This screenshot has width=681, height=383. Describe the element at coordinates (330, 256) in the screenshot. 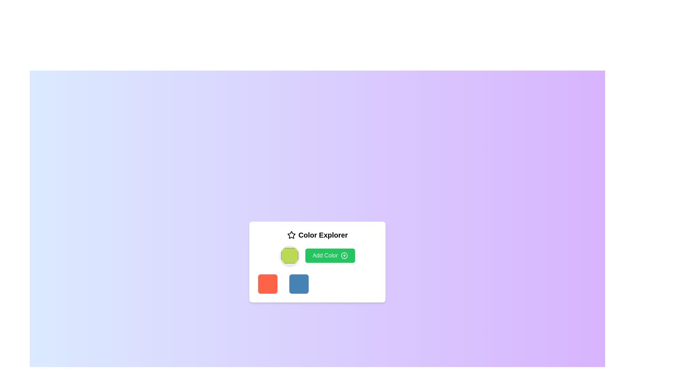

I see `the button used to add a new color to the list by activating keyboard navigation` at that location.